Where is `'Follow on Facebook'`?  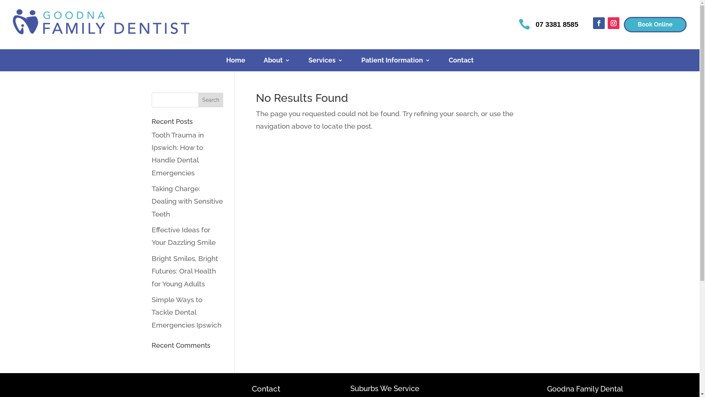
'Follow on Facebook' is located at coordinates (599, 22).